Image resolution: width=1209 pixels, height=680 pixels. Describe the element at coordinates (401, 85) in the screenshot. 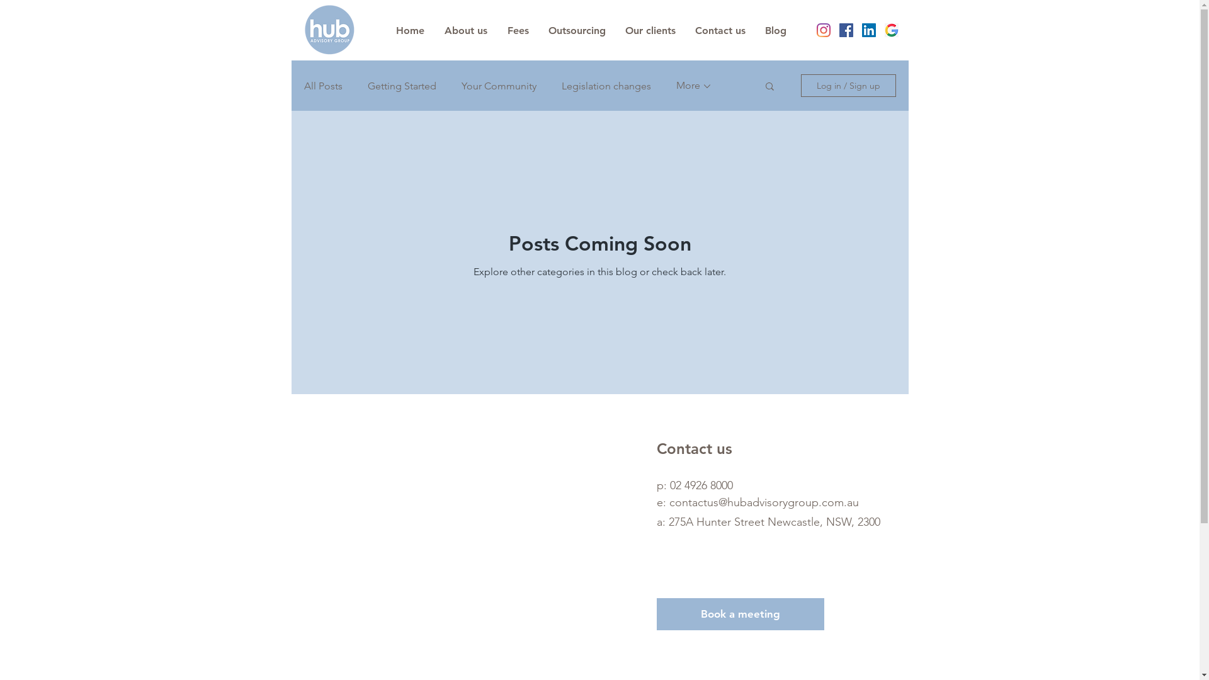

I see `'Getting Started'` at that location.